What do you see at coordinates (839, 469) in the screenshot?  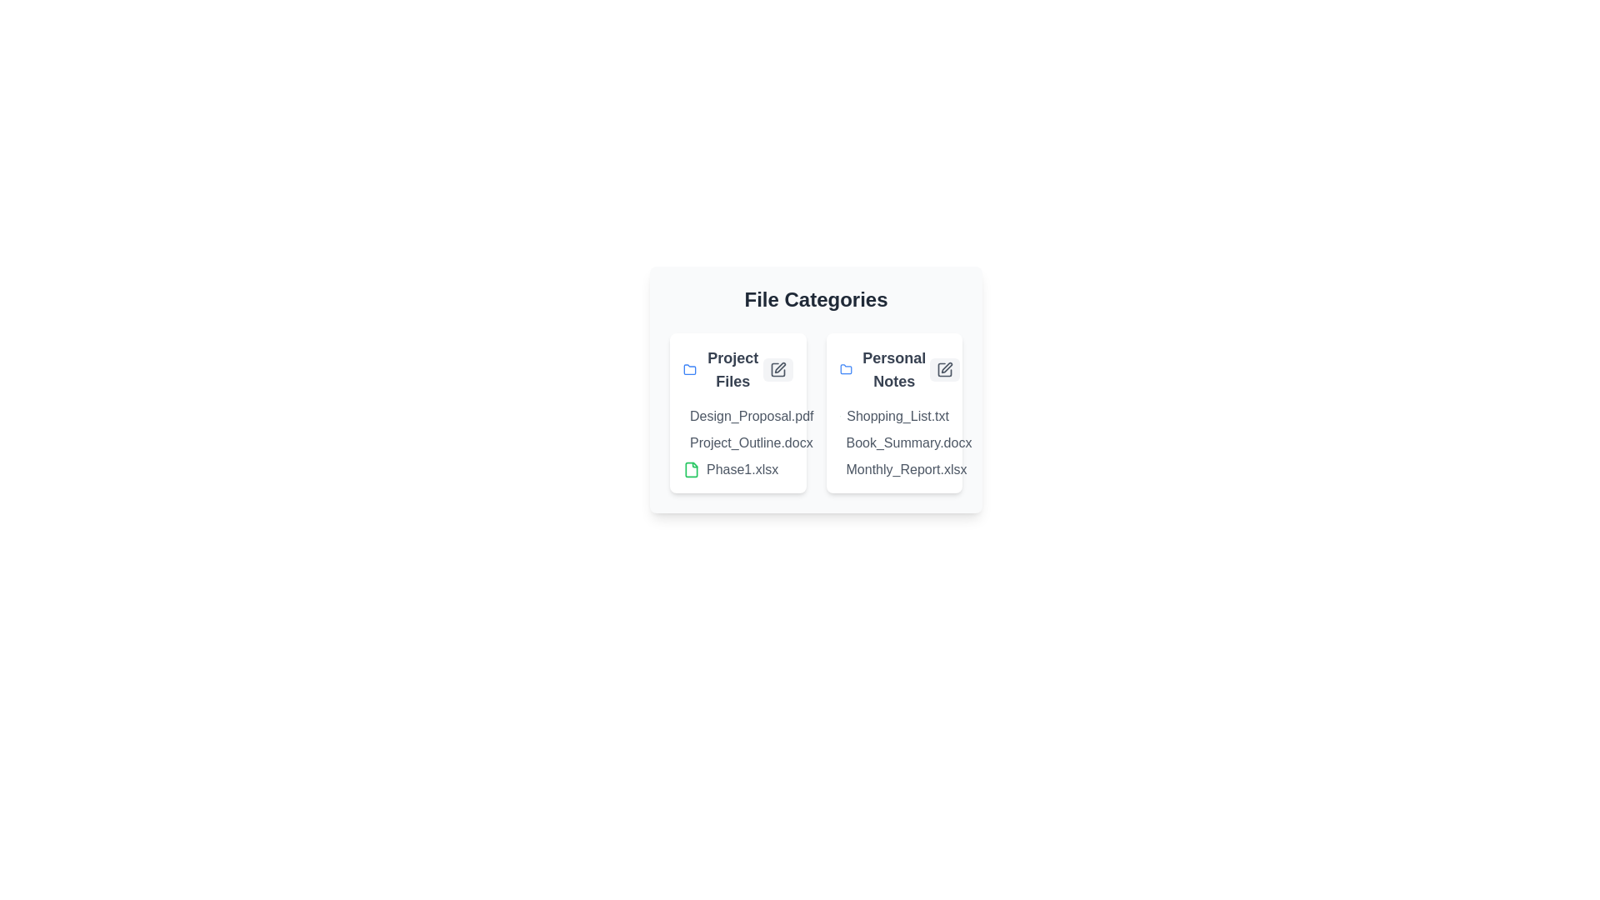 I see `the text of the document named Monthly_Report.xlsx in the list` at bounding box center [839, 469].